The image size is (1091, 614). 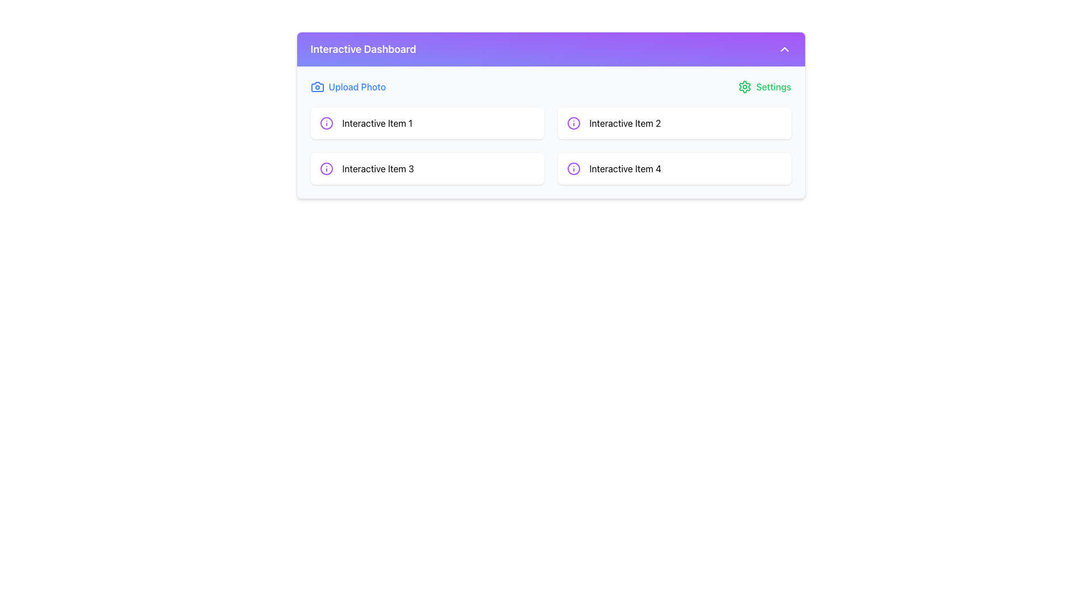 What do you see at coordinates (624, 123) in the screenshot?
I see `the text label that reads 'Interactive Item 2', located in the upper-right quadrant of the interface, next to a purple information icon` at bounding box center [624, 123].